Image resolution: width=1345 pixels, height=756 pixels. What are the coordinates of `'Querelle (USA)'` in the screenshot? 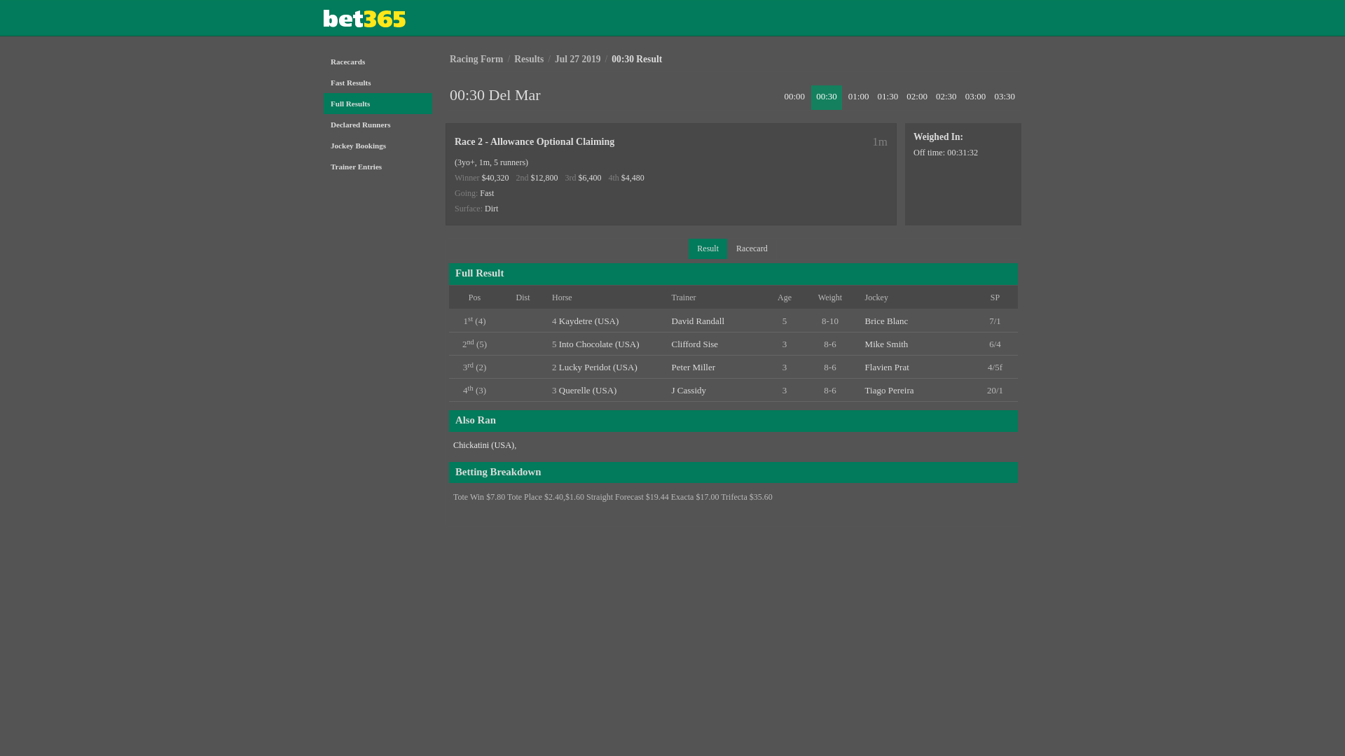 It's located at (588, 390).